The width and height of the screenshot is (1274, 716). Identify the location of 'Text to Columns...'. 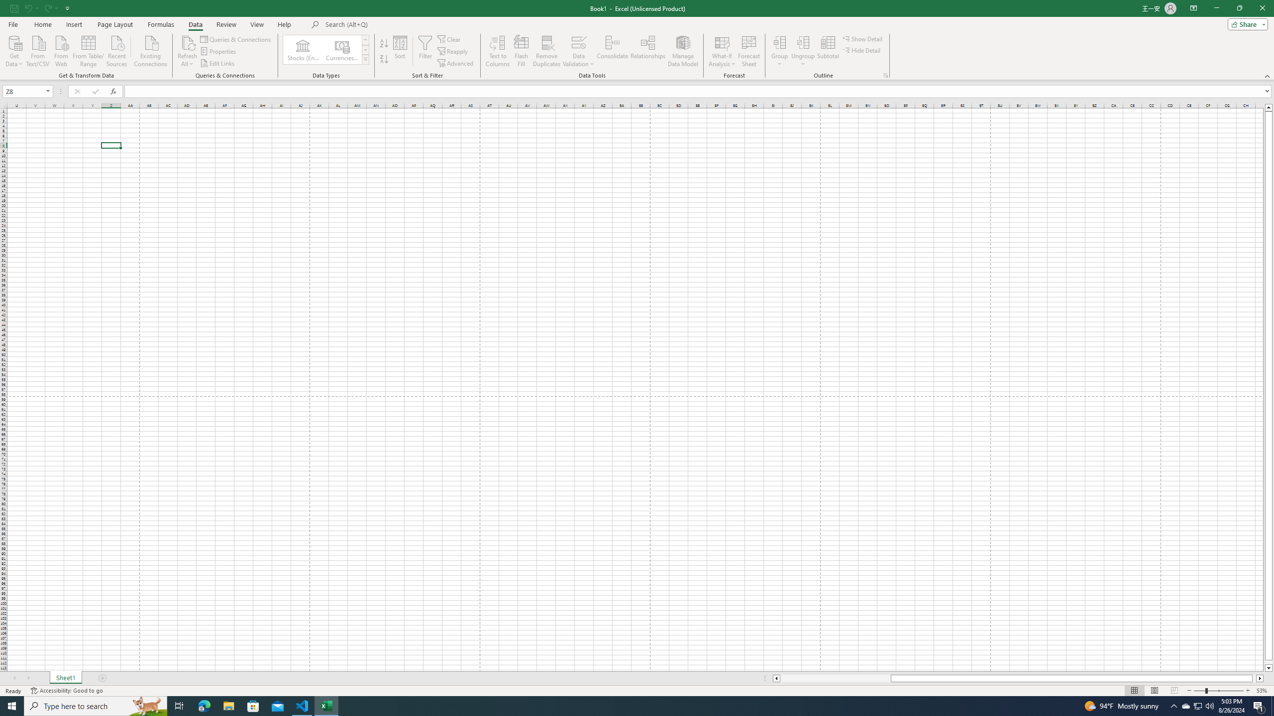
(497, 51).